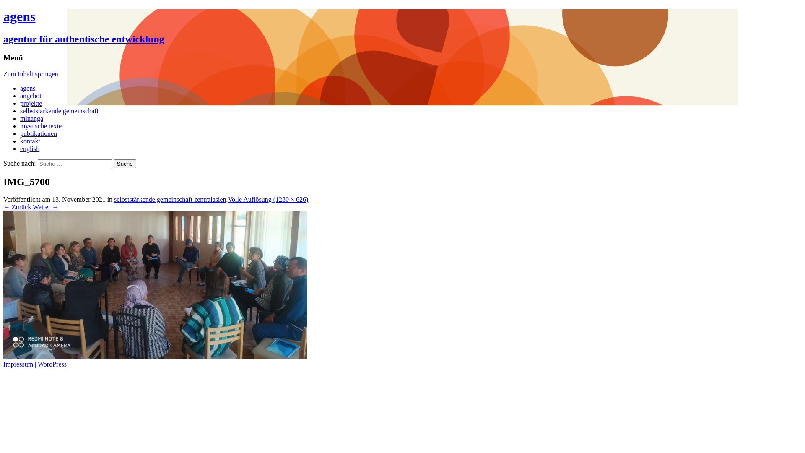  What do you see at coordinates (20, 95) in the screenshot?
I see `'angebot'` at bounding box center [20, 95].